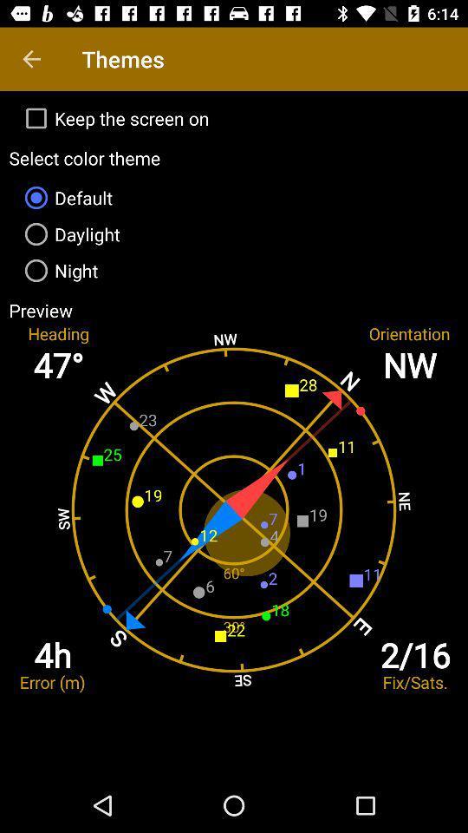 This screenshot has height=833, width=468. Describe the element at coordinates (234, 271) in the screenshot. I see `item above the preview item` at that location.